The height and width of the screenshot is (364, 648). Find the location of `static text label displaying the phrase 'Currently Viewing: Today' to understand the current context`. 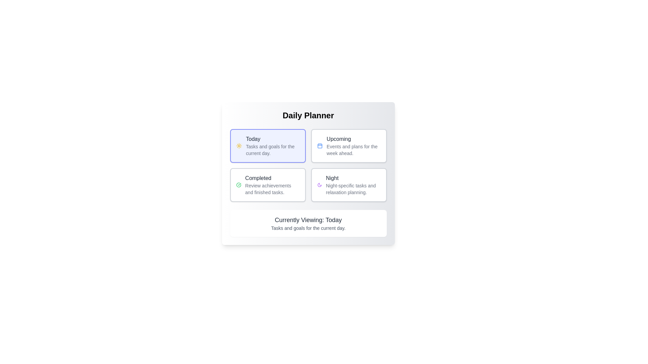

static text label displaying the phrase 'Currently Viewing: Today' to understand the current context is located at coordinates (308, 220).